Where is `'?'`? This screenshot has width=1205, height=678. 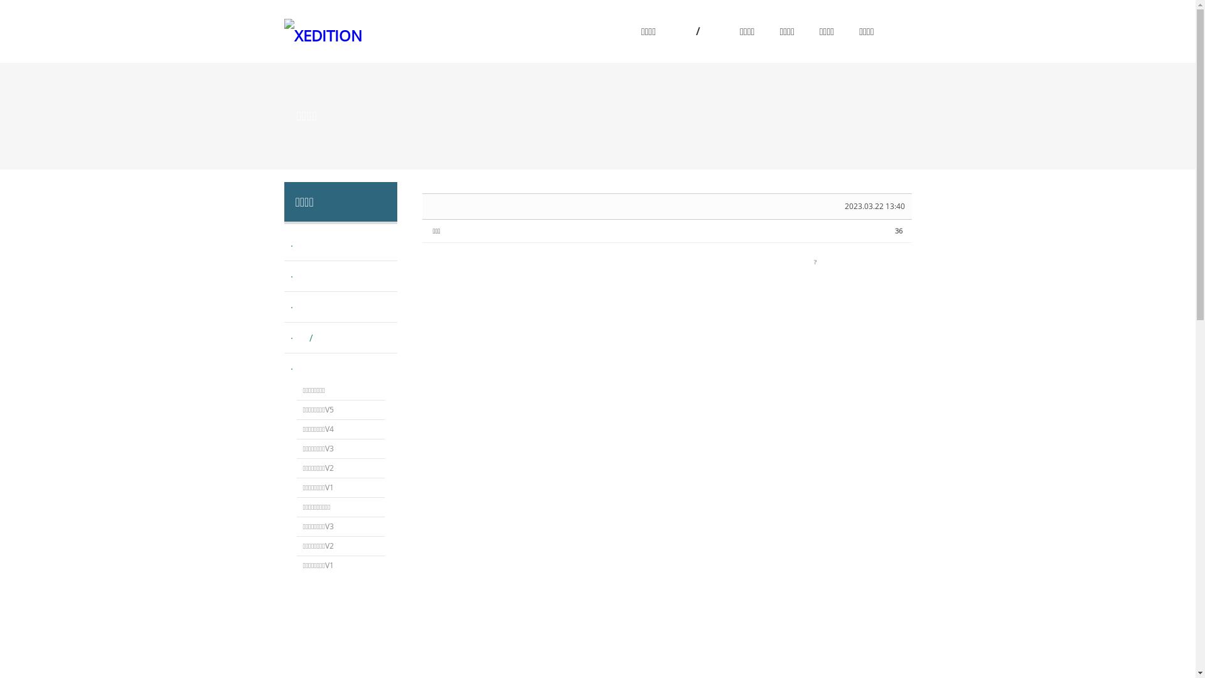
'?' is located at coordinates (814, 261).